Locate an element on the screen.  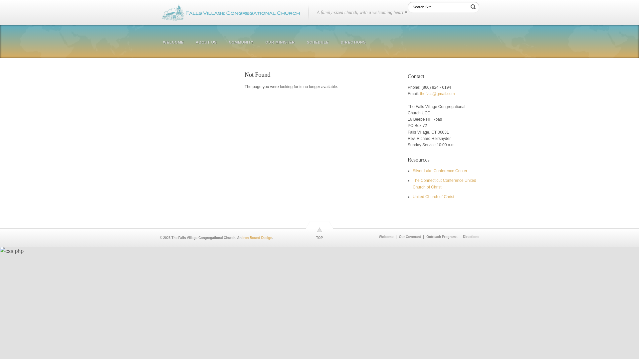
'WELCOME' is located at coordinates (174, 42).